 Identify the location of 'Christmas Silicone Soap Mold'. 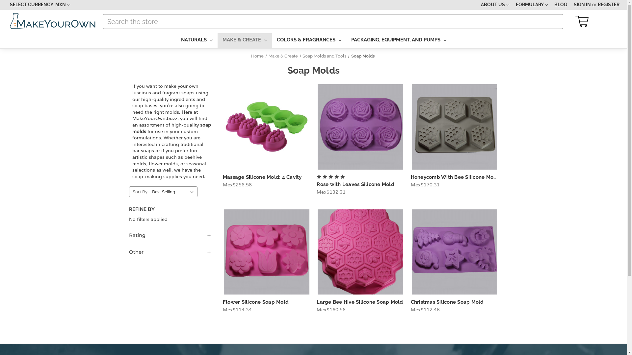
(447, 302).